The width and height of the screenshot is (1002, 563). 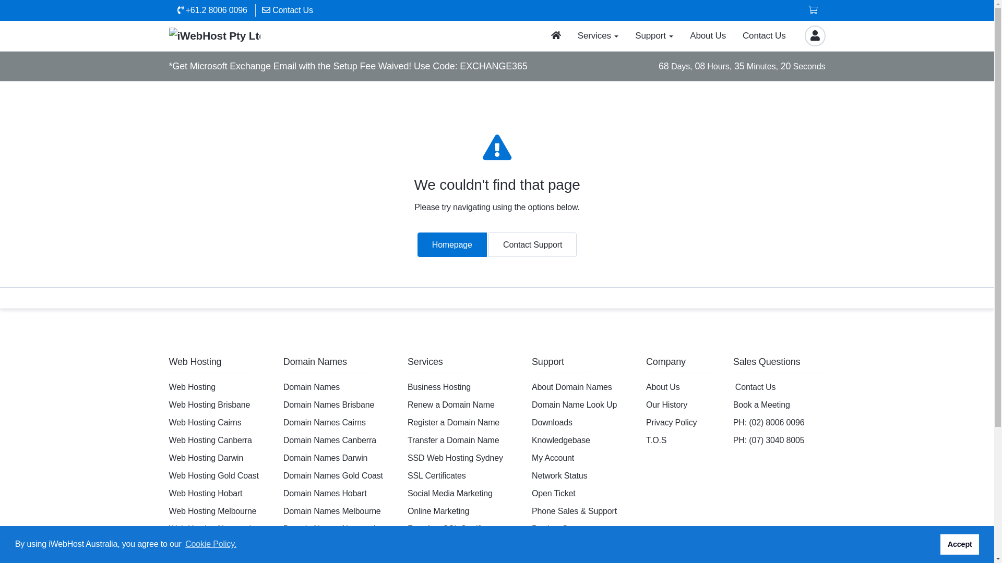 I want to click on 'PH: (02) 8006 0096', so click(x=733, y=422).